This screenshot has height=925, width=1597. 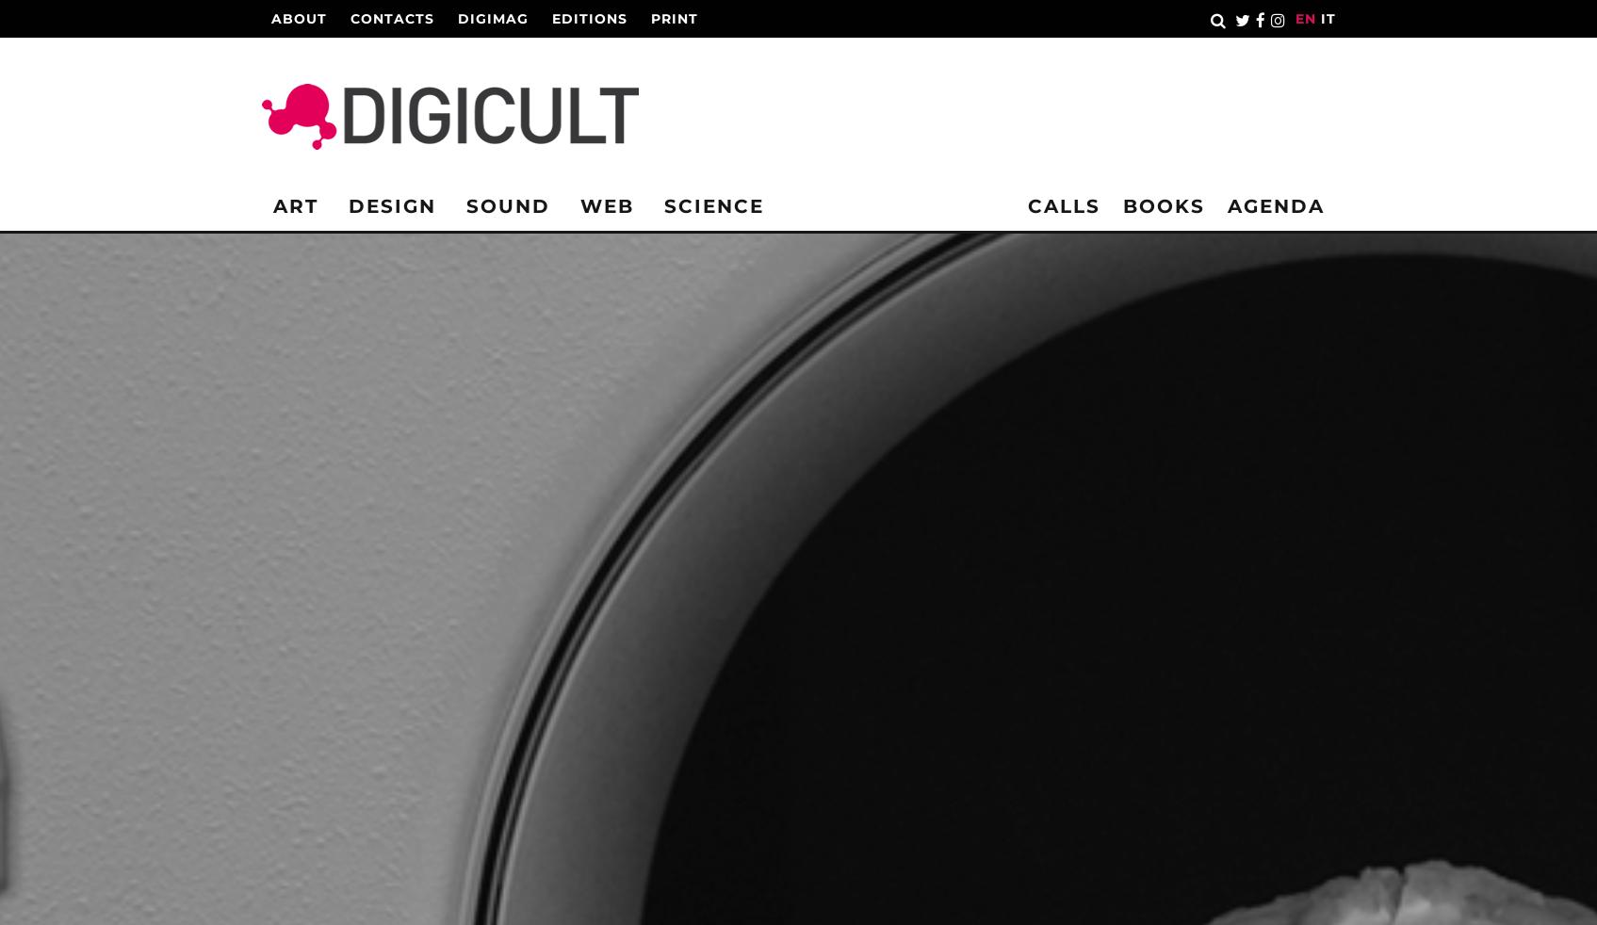 I want to click on 'Contacts', so click(x=391, y=18).